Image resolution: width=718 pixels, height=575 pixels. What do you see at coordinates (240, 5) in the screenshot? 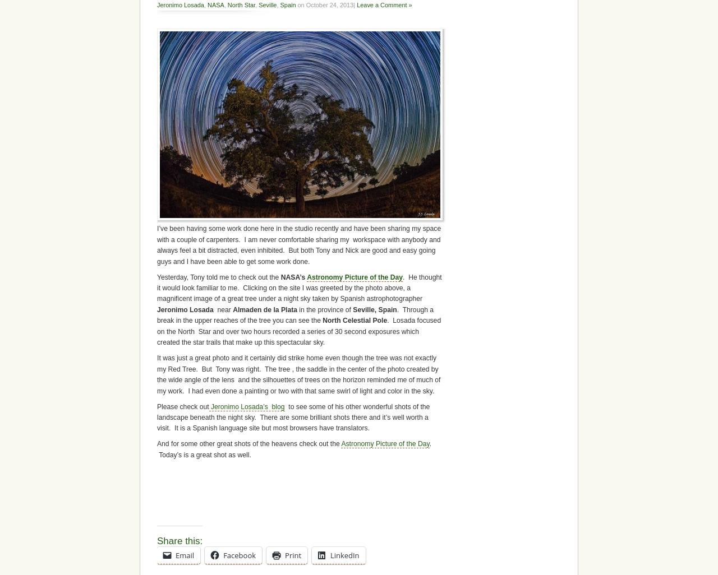
I see `'North Star'` at bounding box center [240, 5].